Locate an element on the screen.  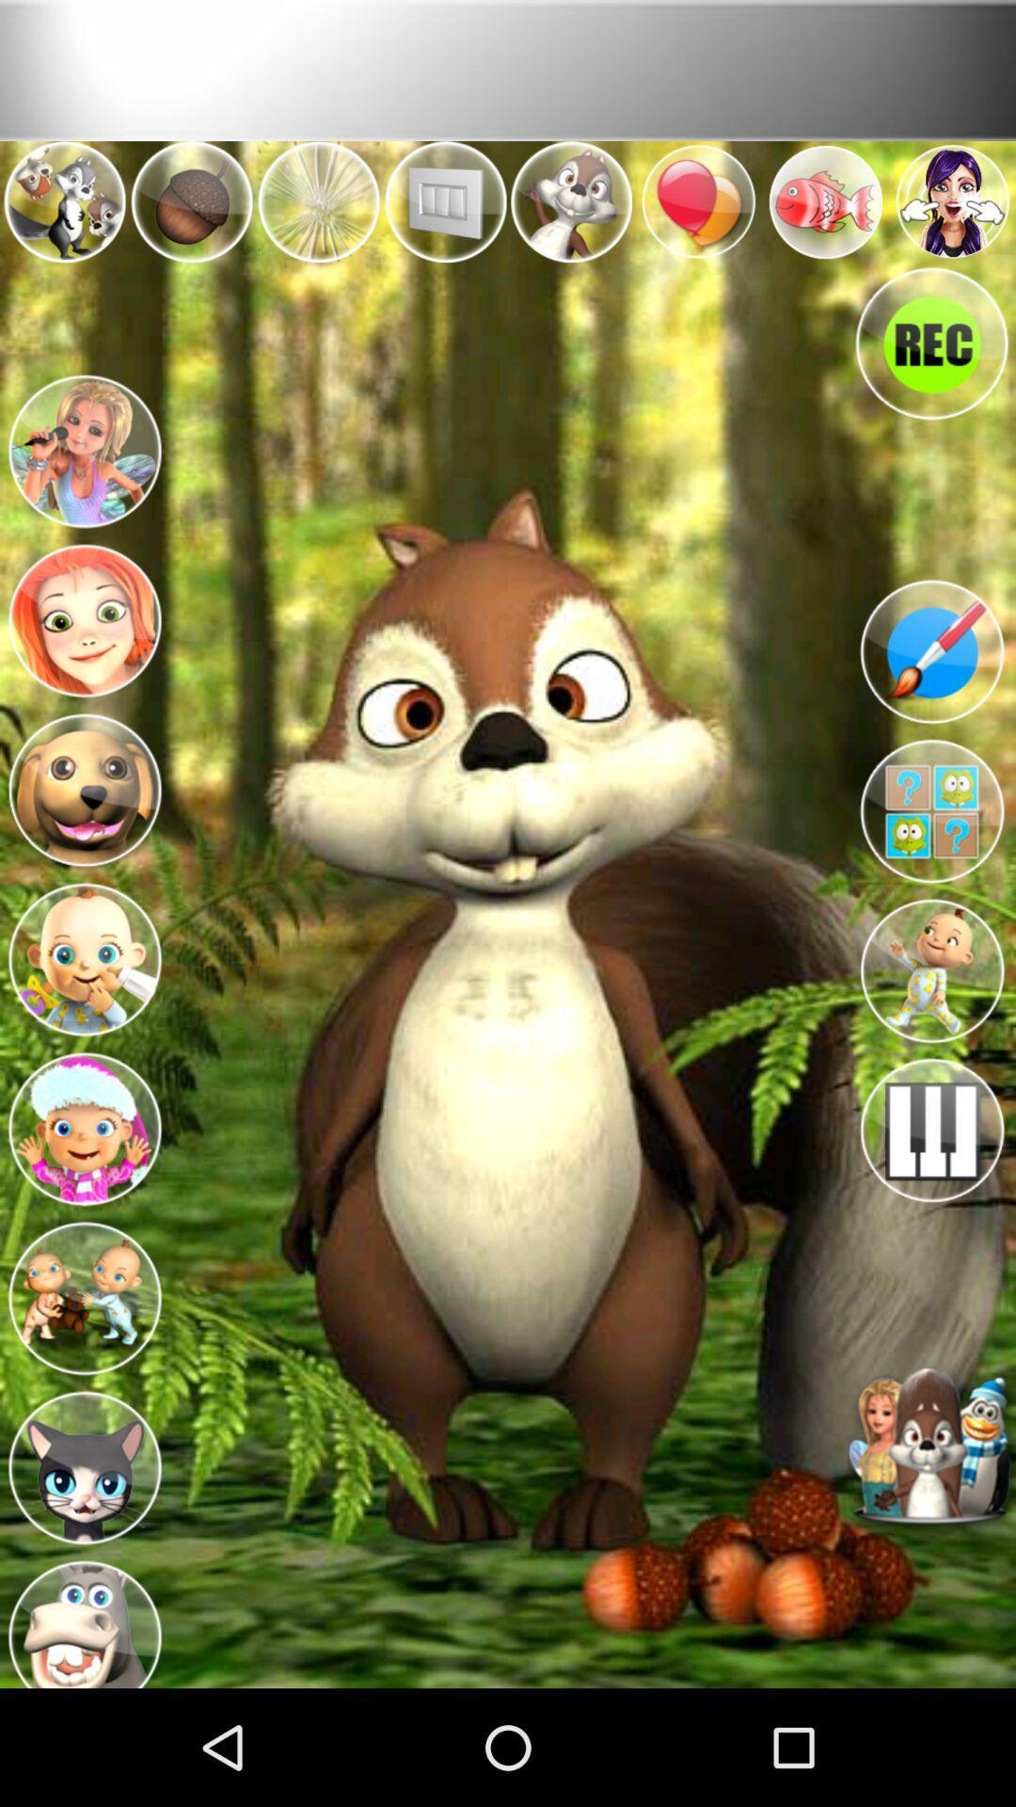
choose picture is located at coordinates (83, 1124).